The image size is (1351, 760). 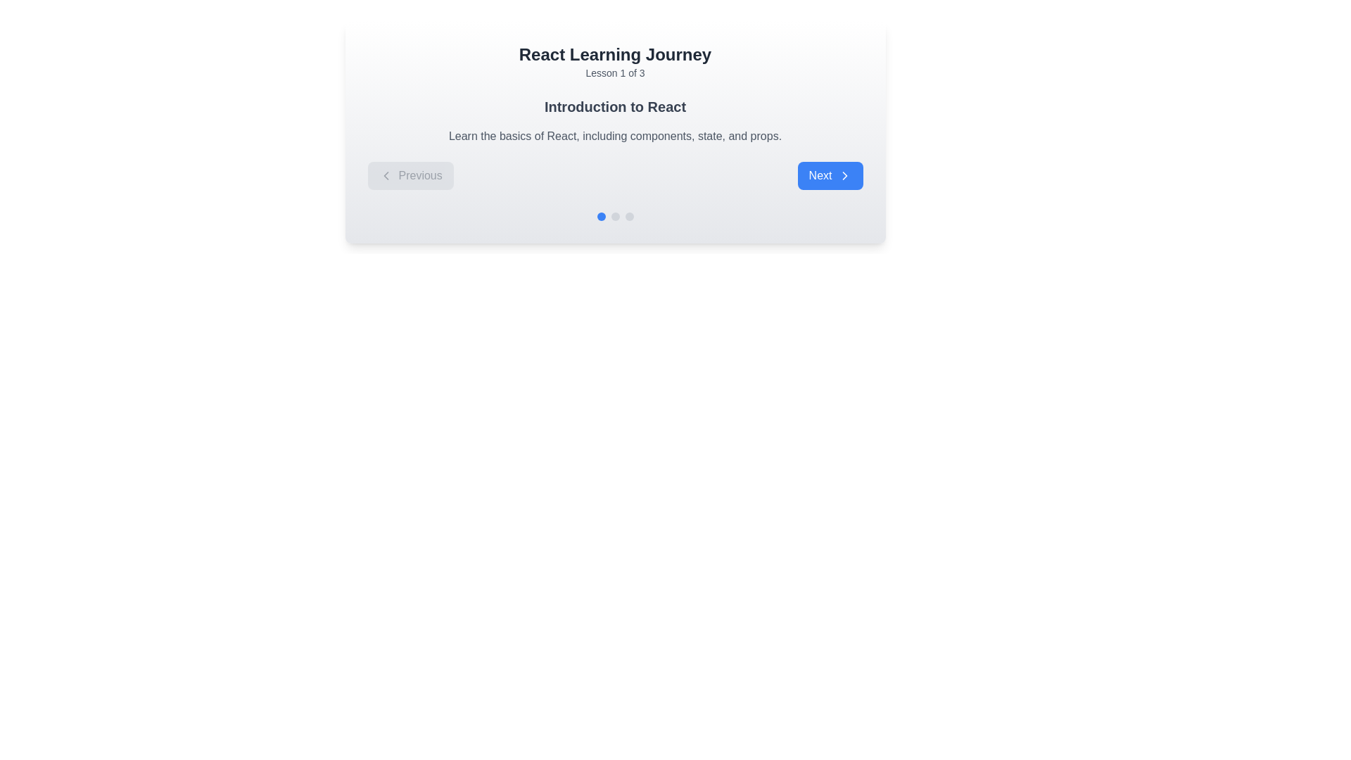 What do you see at coordinates (830, 175) in the screenshot?
I see `the 'Next' button with a blue background and white text, which features a right-pointing arrow icon` at bounding box center [830, 175].